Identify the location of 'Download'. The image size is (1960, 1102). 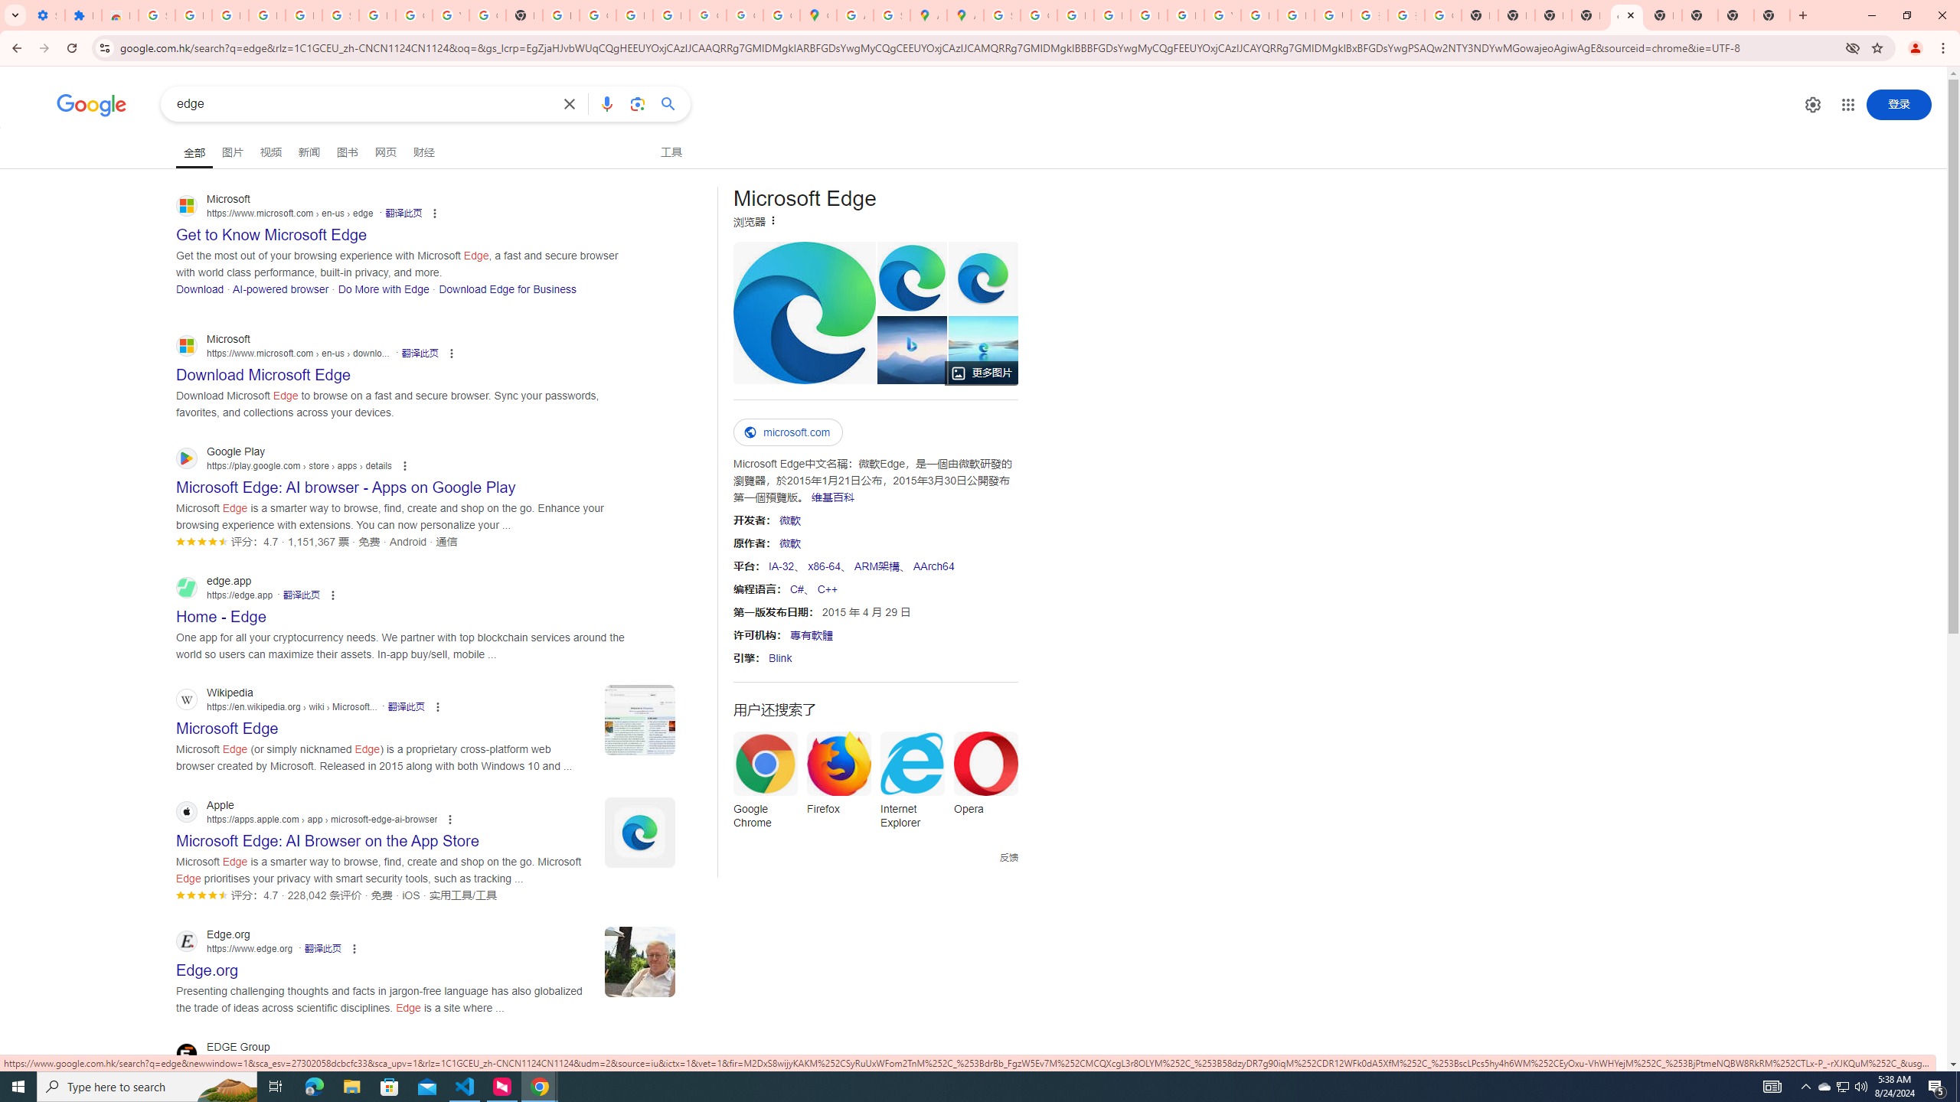
(199, 288).